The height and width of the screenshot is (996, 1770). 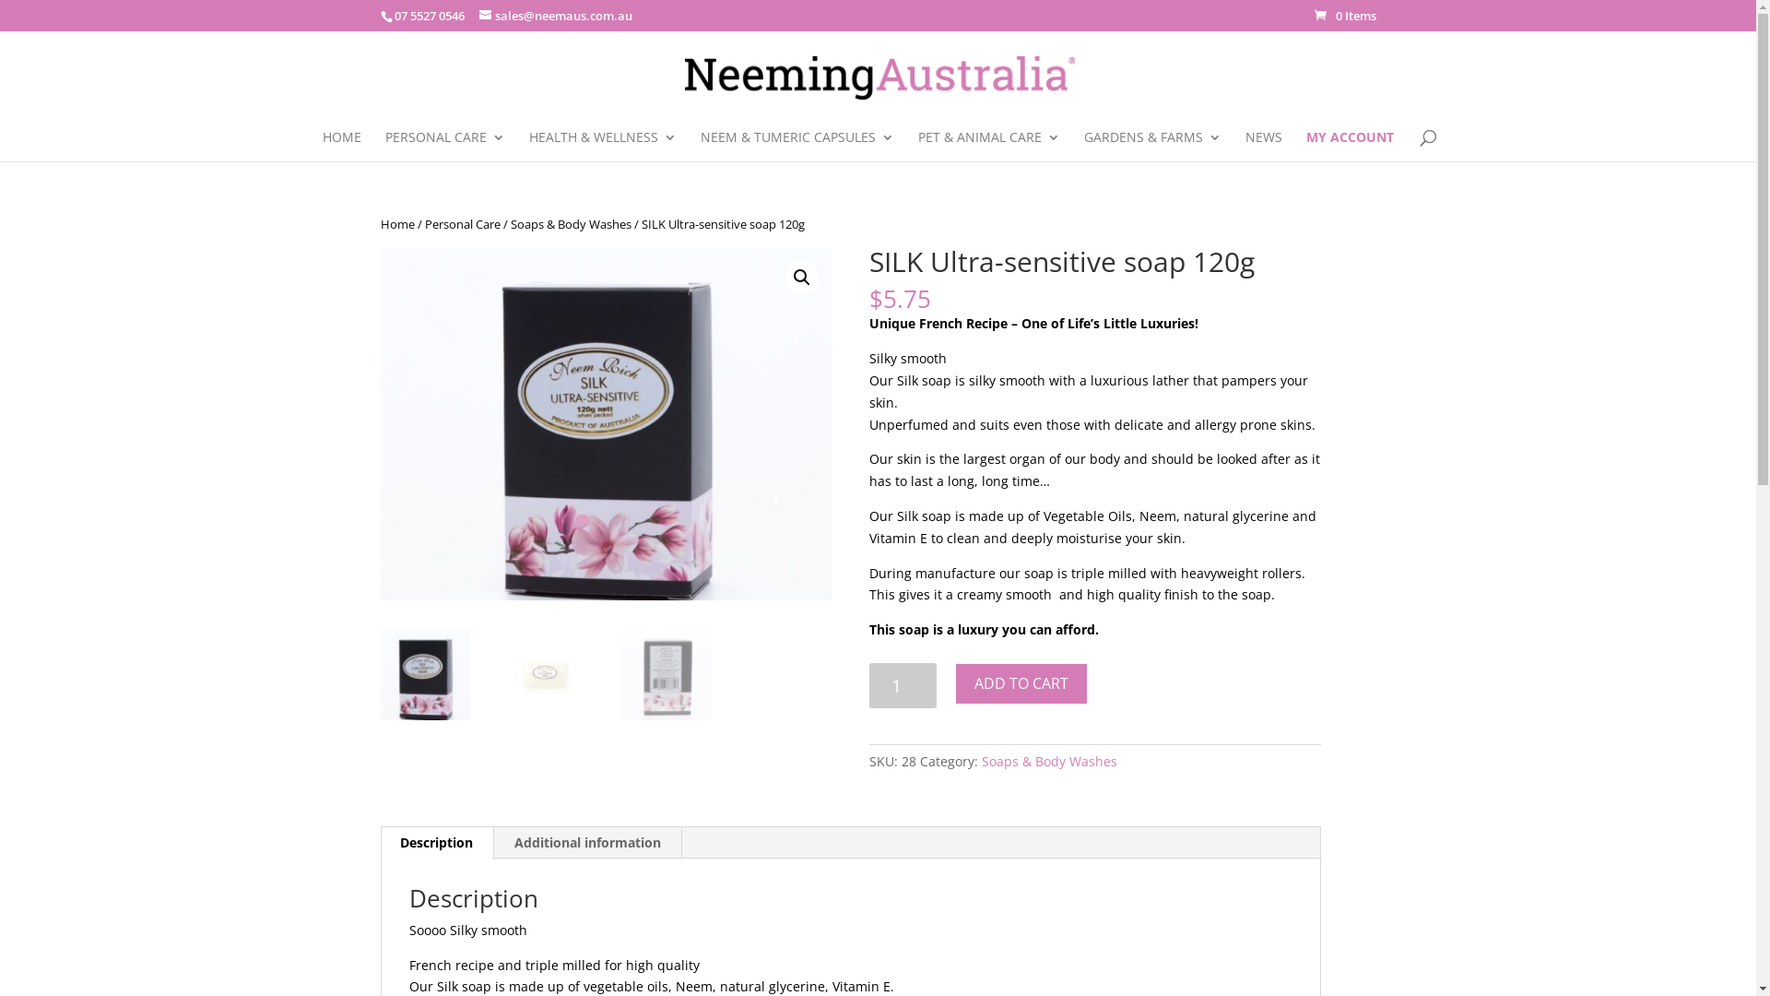 I want to click on 'Additional information', so click(x=586, y=843).